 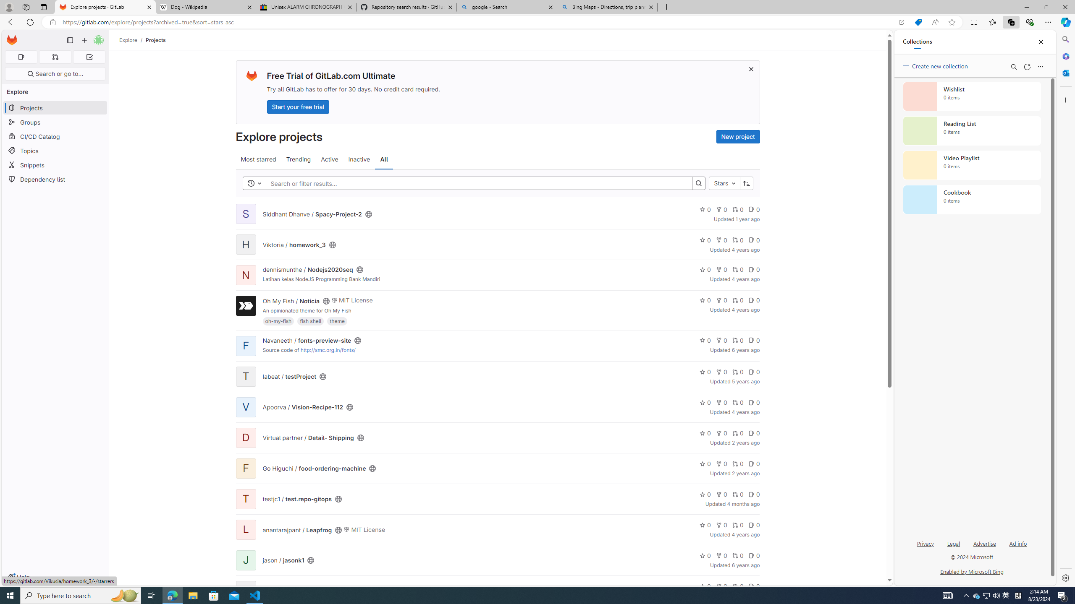 I want to click on 'Start your free trial', so click(x=298, y=106).